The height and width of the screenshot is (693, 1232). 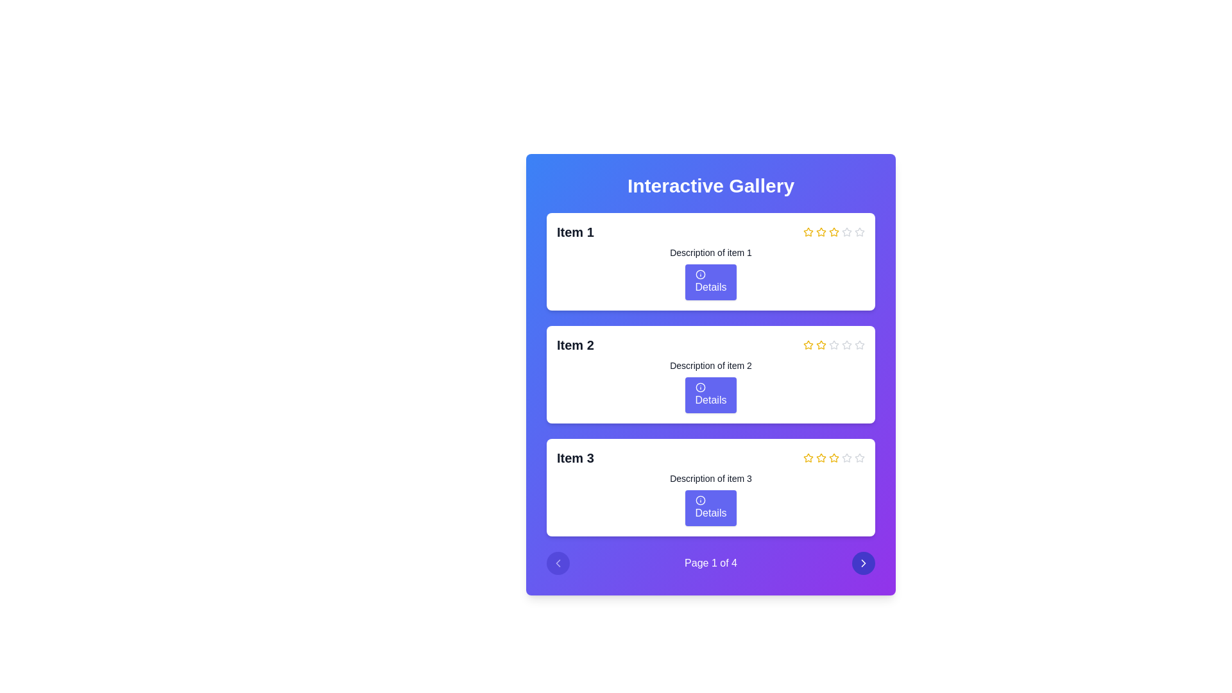 I want to click on the third star icon representing the rating for 'Item 2' in the gallery, so click(x=847, y=344).